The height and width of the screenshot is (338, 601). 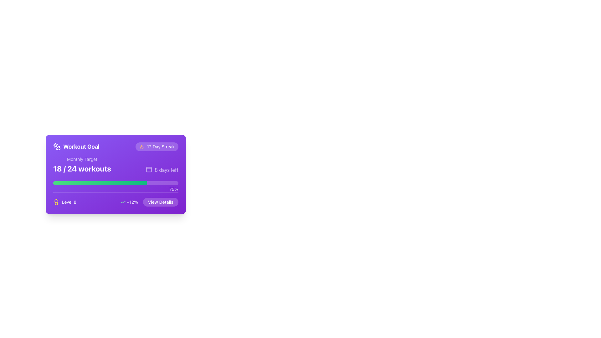 I want to click on the fitness icon located at the upper-left corner of the 'Workout Goal' card, so click(x=55, y=145).